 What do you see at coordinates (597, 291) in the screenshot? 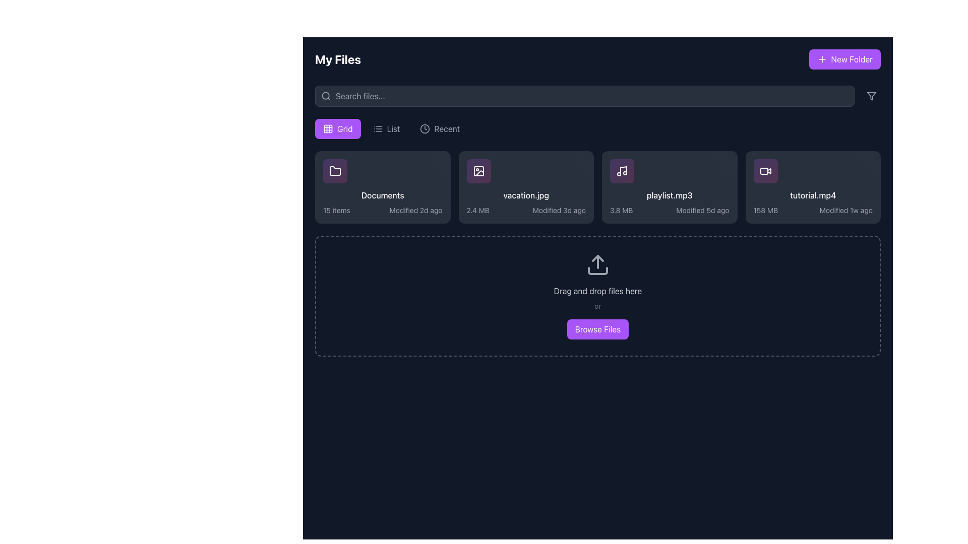
I see `the text label displaying 'Drag and drop files here' in light gray color, which is located slightly above the 'or' label and below an upload icon` at bounding box center [597, 291].